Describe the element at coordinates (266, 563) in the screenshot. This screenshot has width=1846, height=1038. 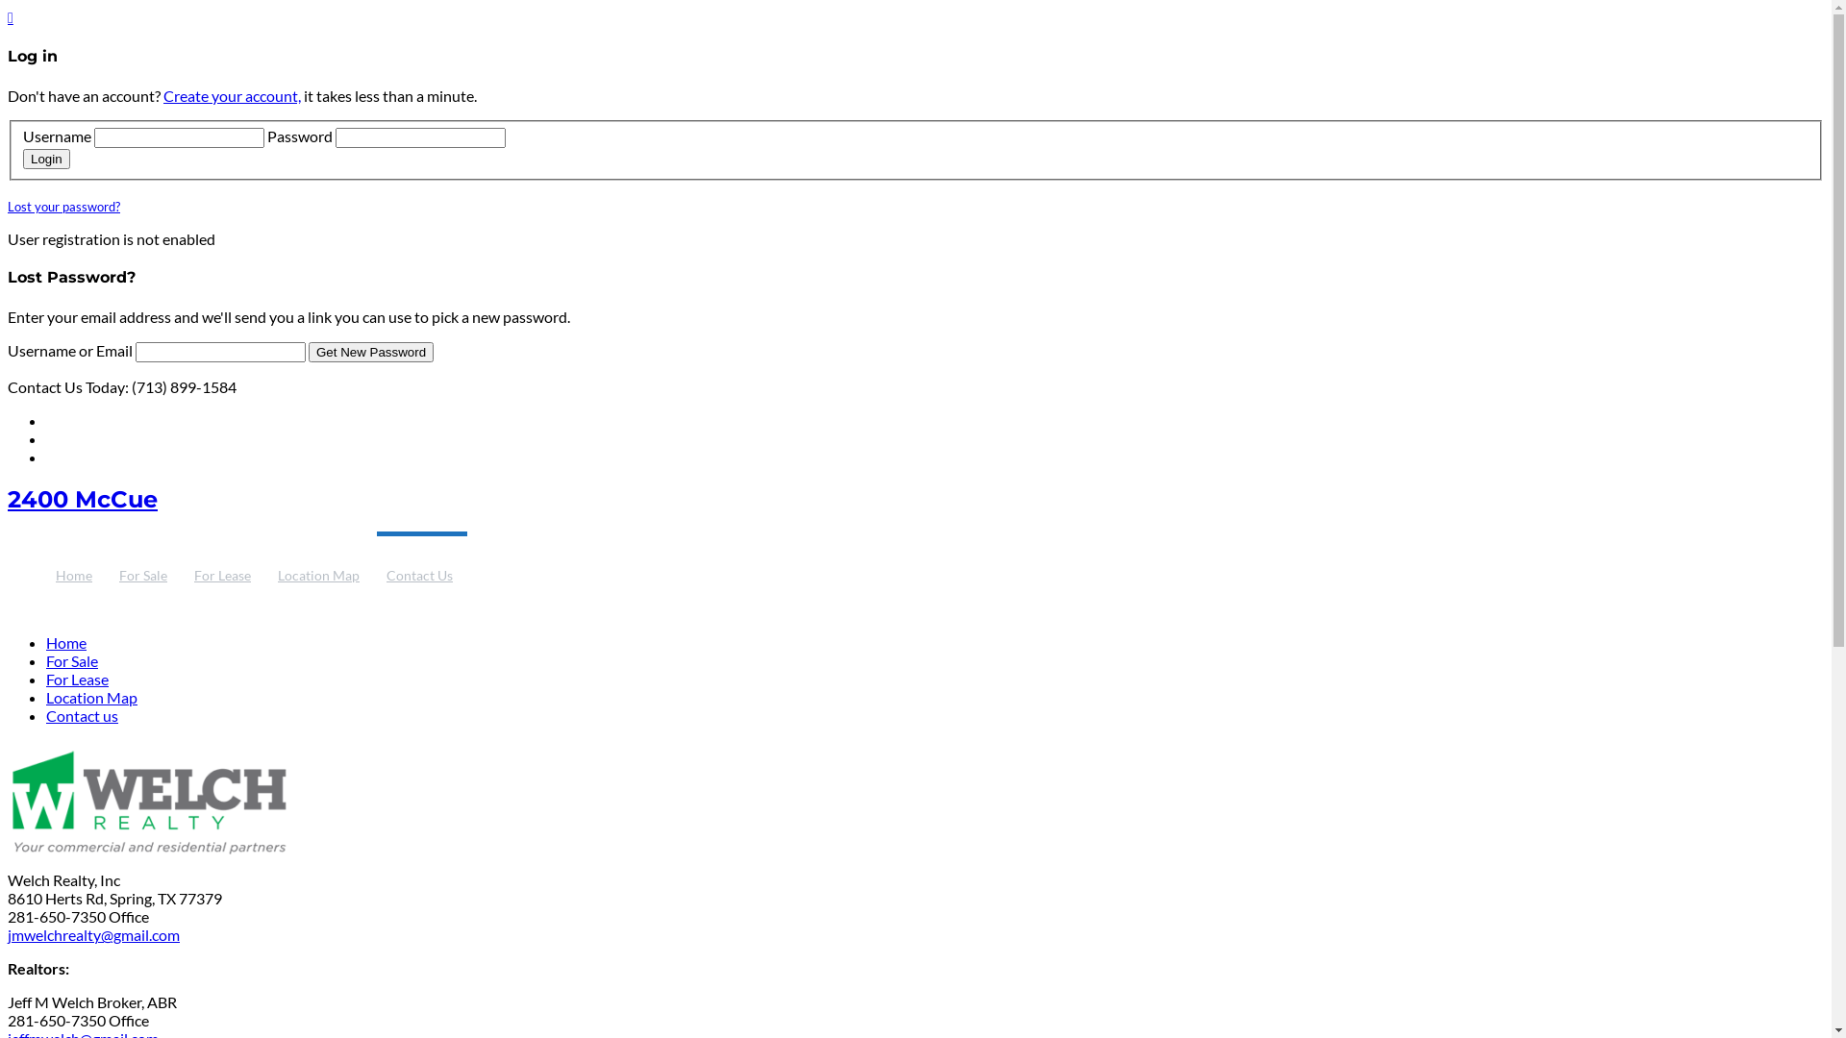
I see `'Location Map'` at that location.